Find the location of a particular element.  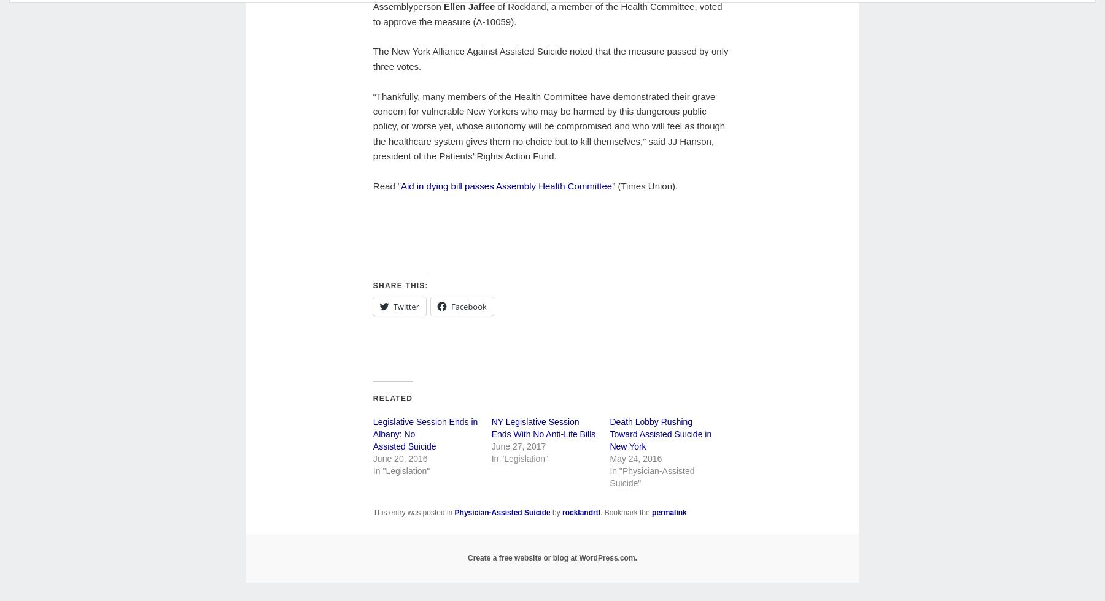

'rocklandrtl' is located at coordinates (580, 513).